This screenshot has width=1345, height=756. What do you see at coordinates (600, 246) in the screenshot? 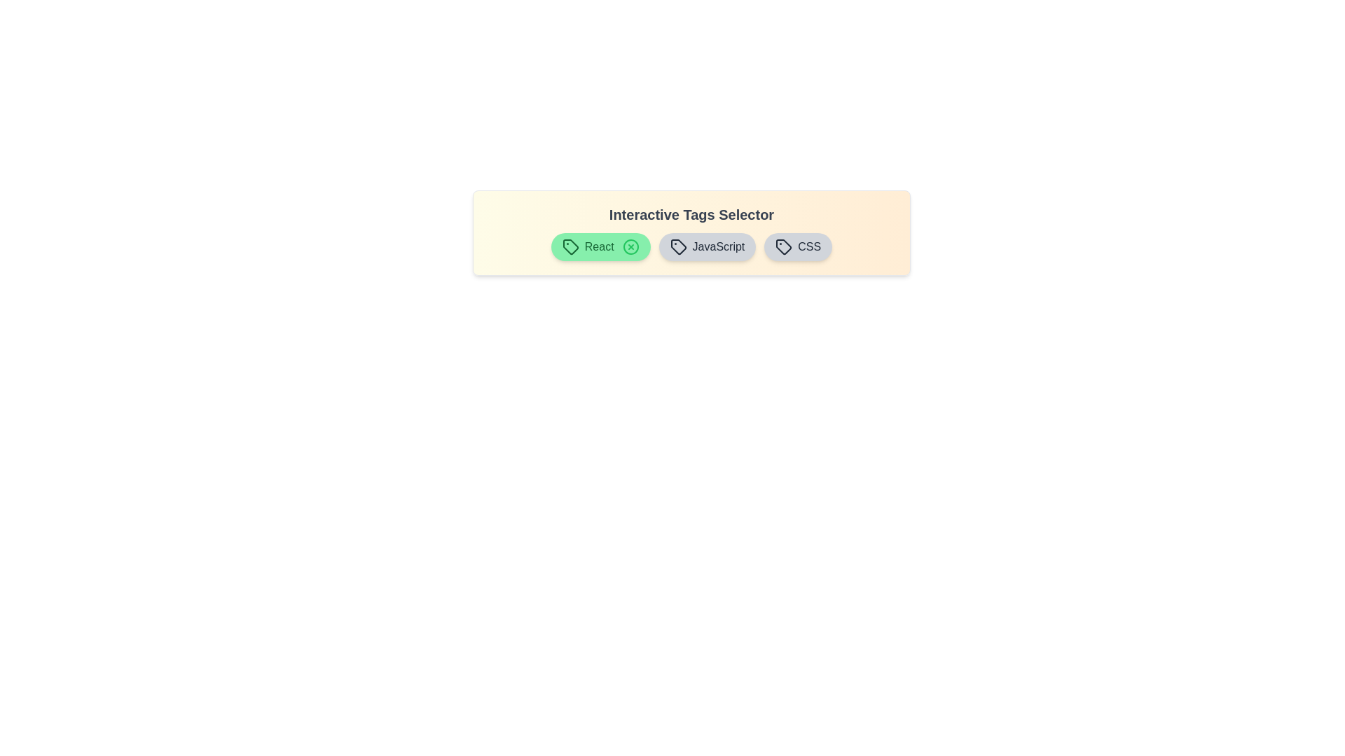
I see `the tag labeled React to observe its hover effect` at bounding box center [600, 246].